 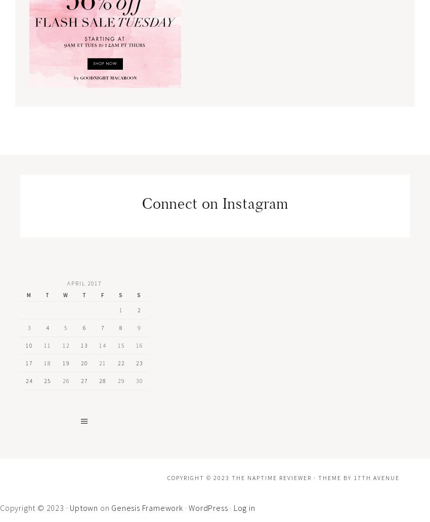 I want to click on '12', so click(x=65, y=345).